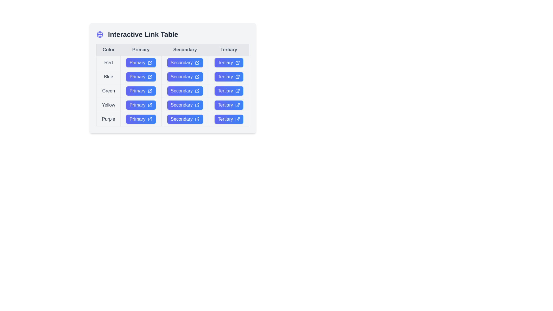 This screenshot has height=311, width=553. Describe the element at coordinates (141, 76) in the screenshot. I see `the 'Primary' button with a gradient background and external link icon in the second row of the table under the 'Primary' column` at that location.